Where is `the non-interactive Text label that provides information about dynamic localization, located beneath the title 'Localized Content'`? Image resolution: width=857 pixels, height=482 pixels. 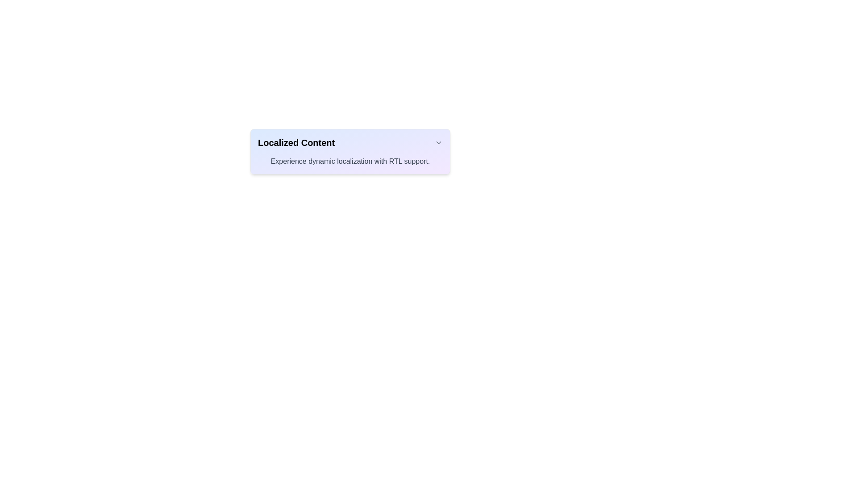
the non-interactive Text label that provides information about dynamic localization, located beneath the title 'Localized Content' is located at coordinates (350, 162).